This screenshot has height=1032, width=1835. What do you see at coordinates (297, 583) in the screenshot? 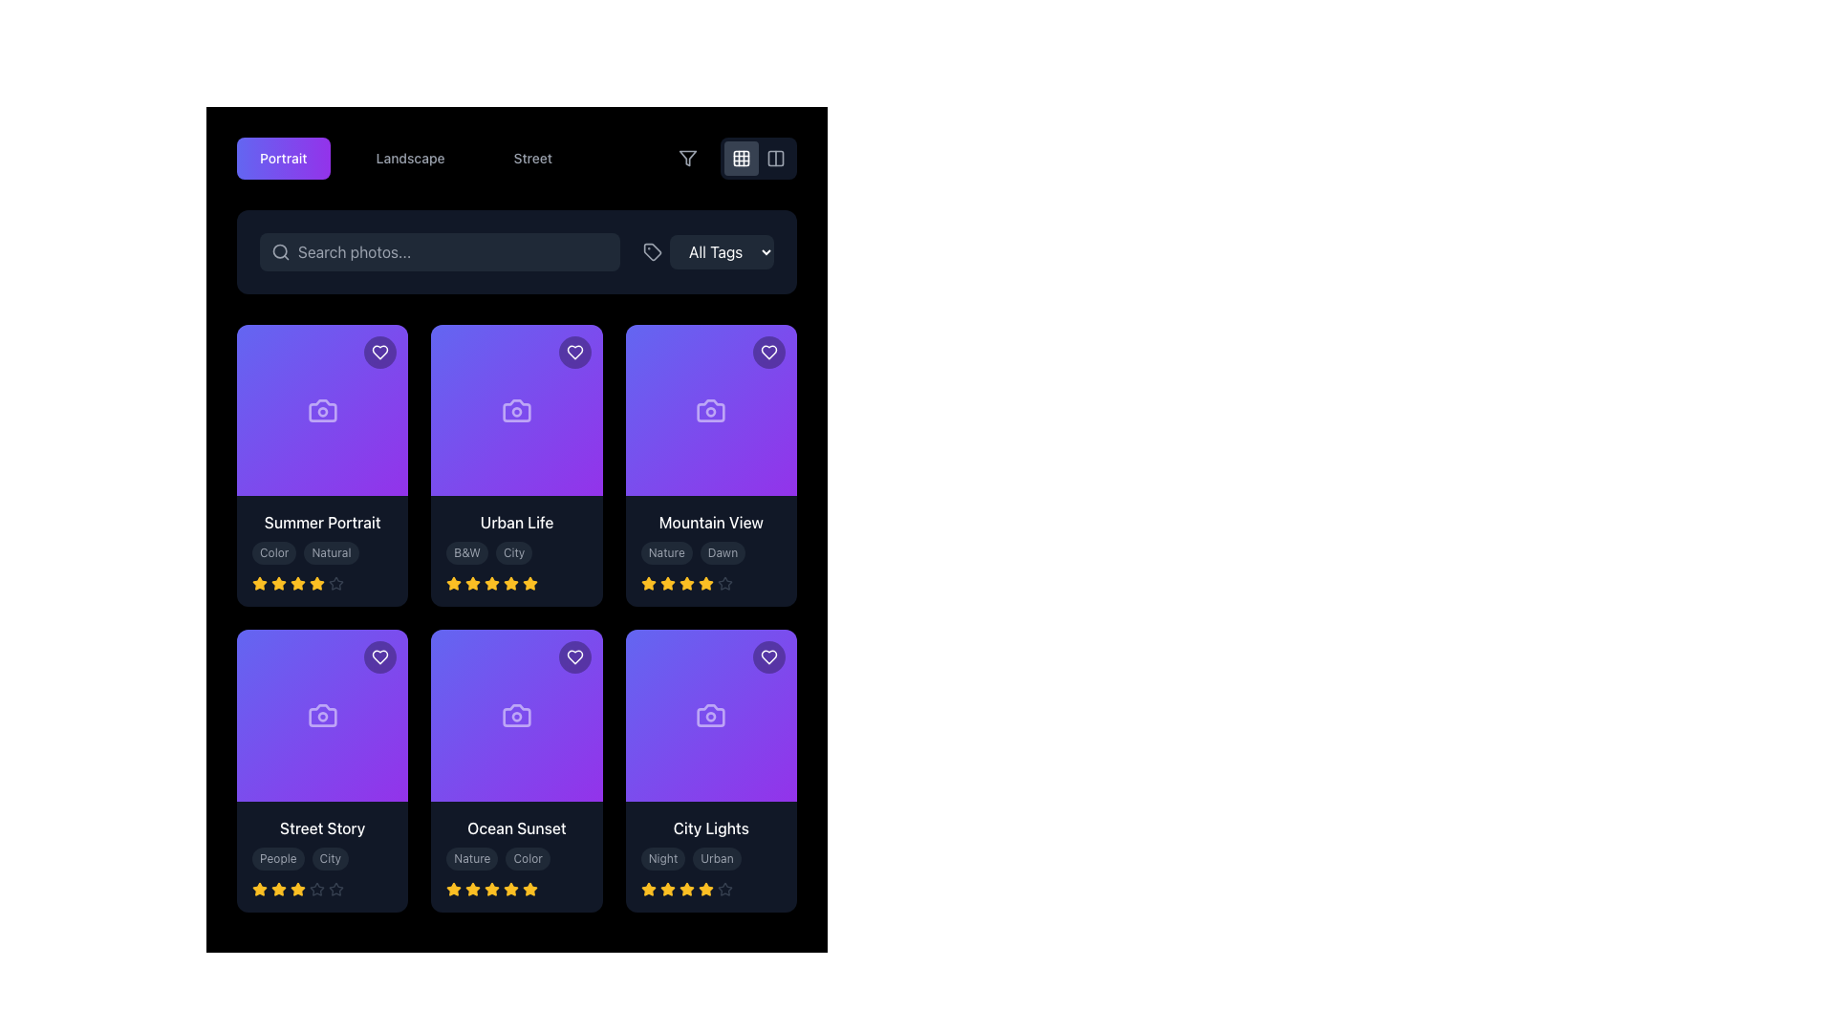
I see `the third star icon in the row of five rating stars below the 'Summer Portrait' card` at bounding box center [297, 583].